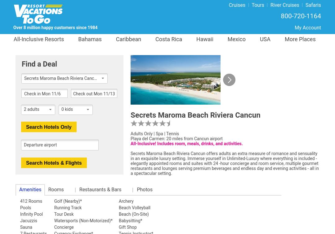 The width and height of the screenshot is (335, 234). I want to click on 'Infinity Pool', so click(31, 214).